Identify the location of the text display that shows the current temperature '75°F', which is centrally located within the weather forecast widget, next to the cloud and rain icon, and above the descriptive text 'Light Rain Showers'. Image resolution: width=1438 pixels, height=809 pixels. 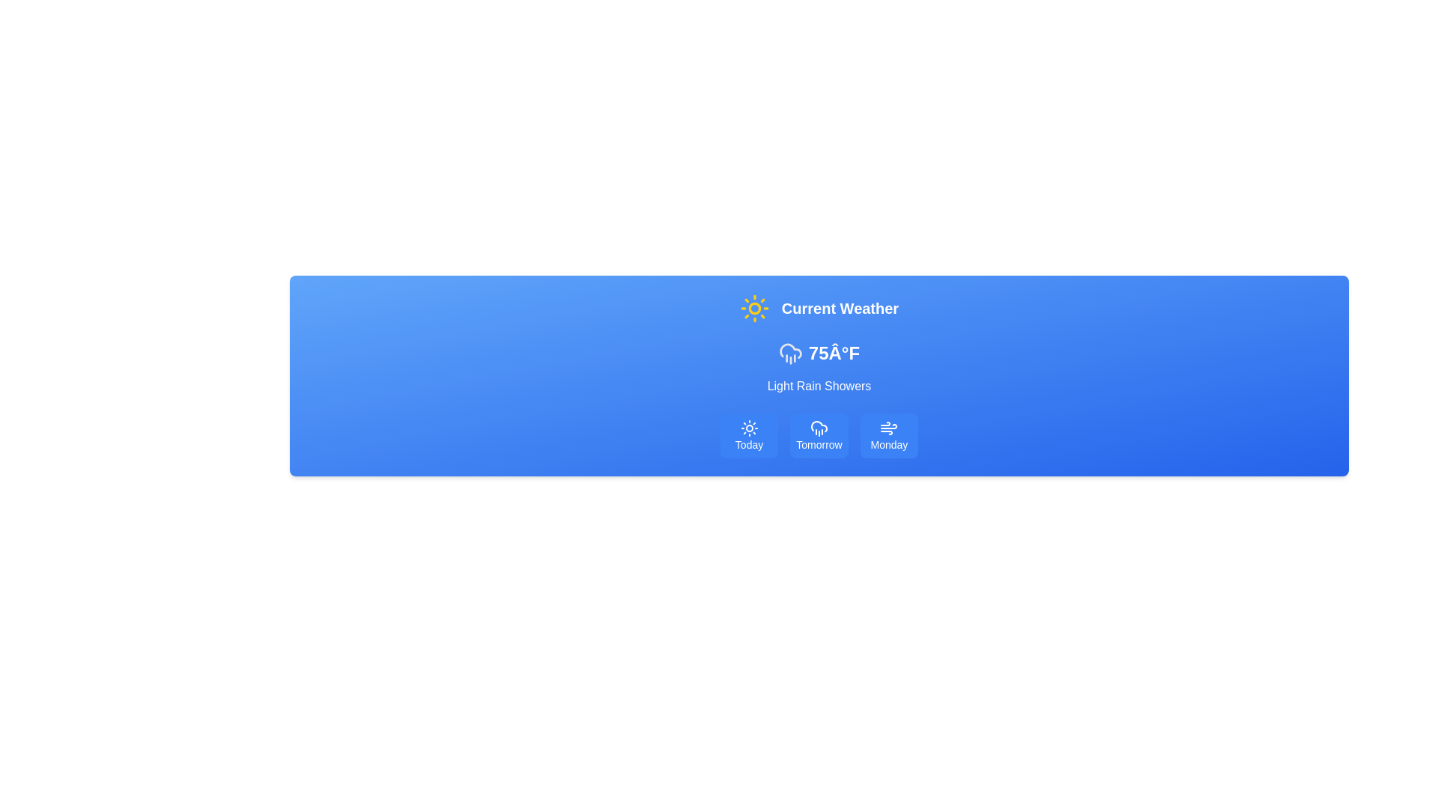
(819, 353).